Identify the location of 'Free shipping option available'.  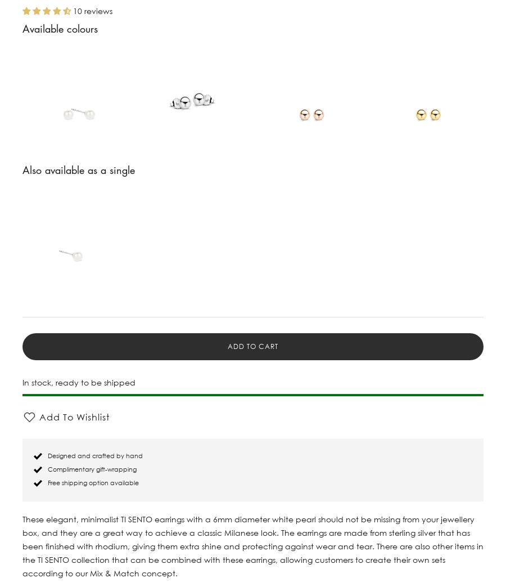
(93, 481).